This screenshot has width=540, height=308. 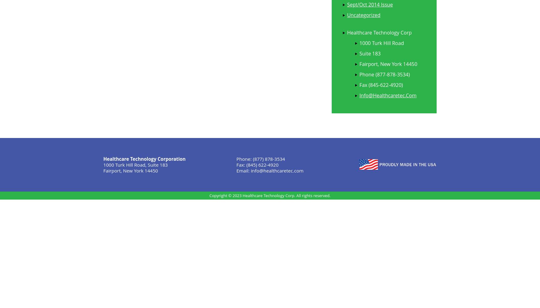 What do you see at coordinates (388, 64) in the screenshot?
I see `'Fairport, New York  14450'` at bounding box center [388, 64].